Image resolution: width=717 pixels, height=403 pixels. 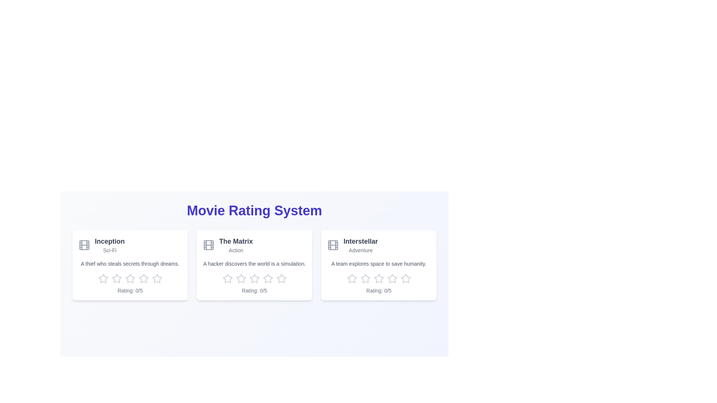 What do you see at coordinates (360, 250) in the screenshot?
I see `the genre of the movie titled 'Interstellar'` at bounding box center [360, 250].